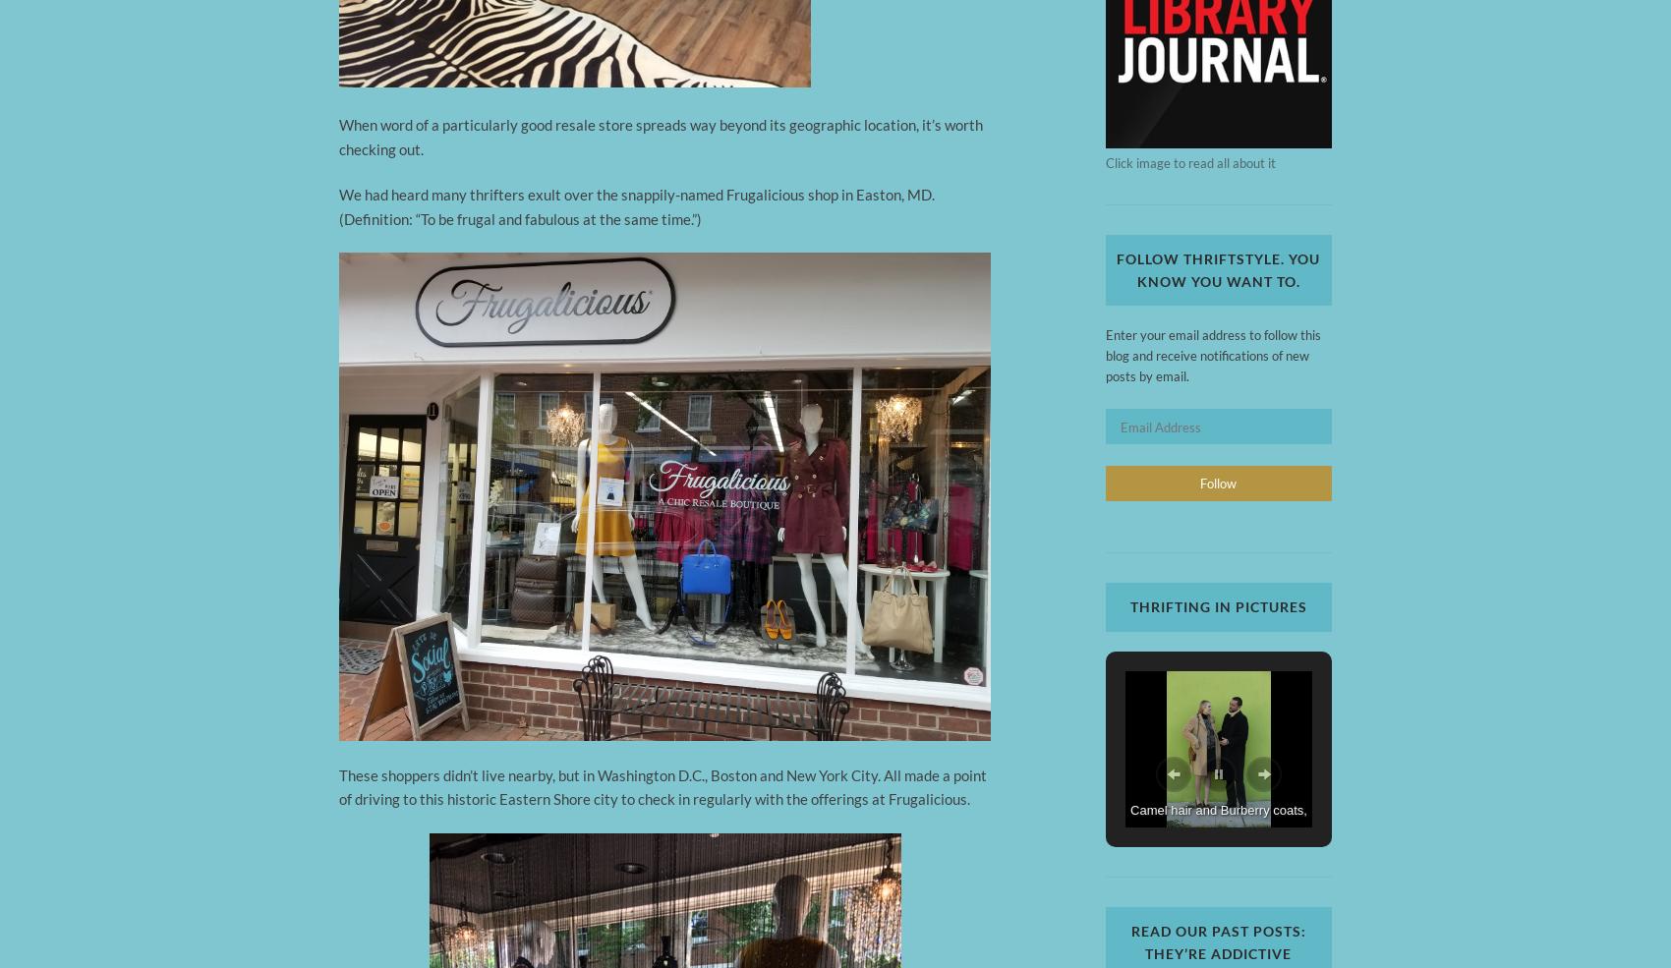 The width and height of the screenshot is (1671, 968). Describe the element at coordinates (1217, 483) in the screenshot. I see `'Follow'` at that location.